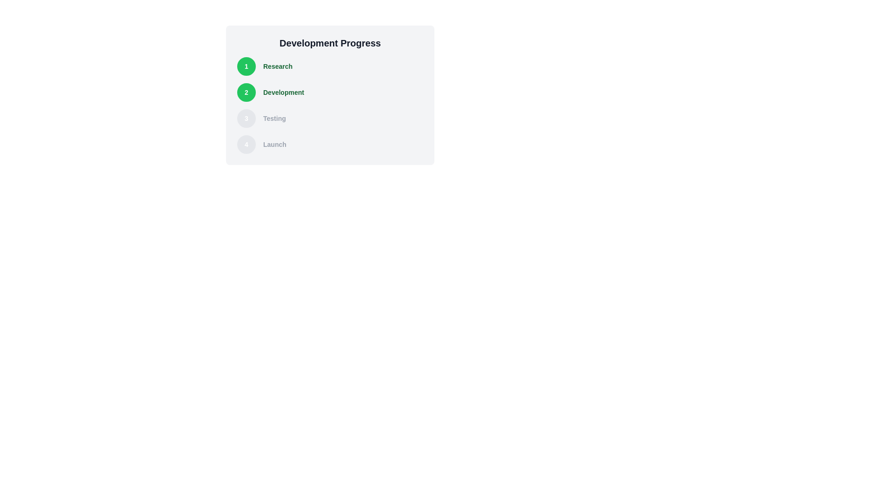 The height and width of the screenshot is (502, 893). Describe the element at coordinates (330, 118) in the screenshot. I see `the 'Testing' step in the progress steps list, which is visually distinct to indicate it is not yet completed` at that location.